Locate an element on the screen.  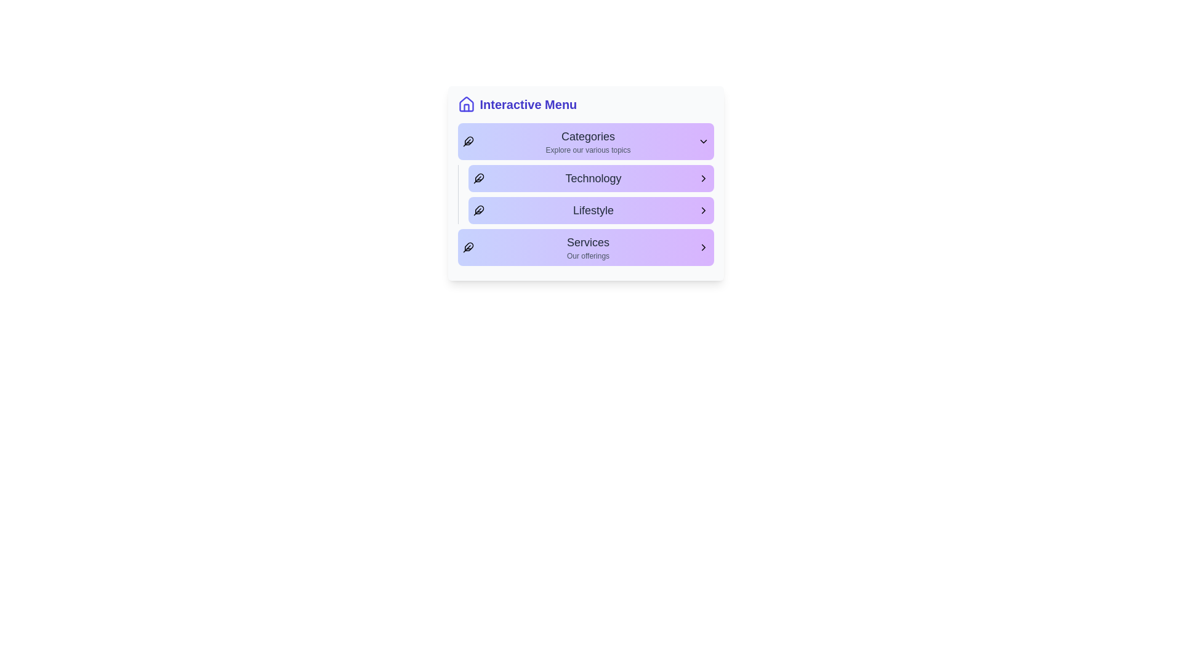
the 'Technology' button in the menu, which has a purple gradient background and features a feather icon on the left and a right-pointing arrow on the right is located at coordinates (585, 173).